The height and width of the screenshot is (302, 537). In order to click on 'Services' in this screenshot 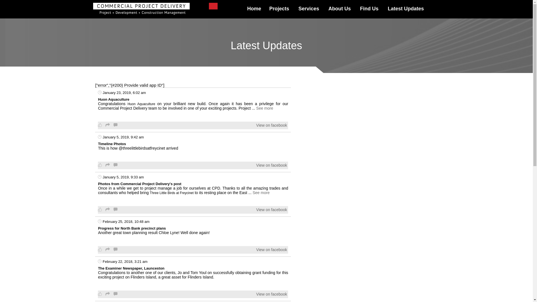, I will do `click(308, 9)`.